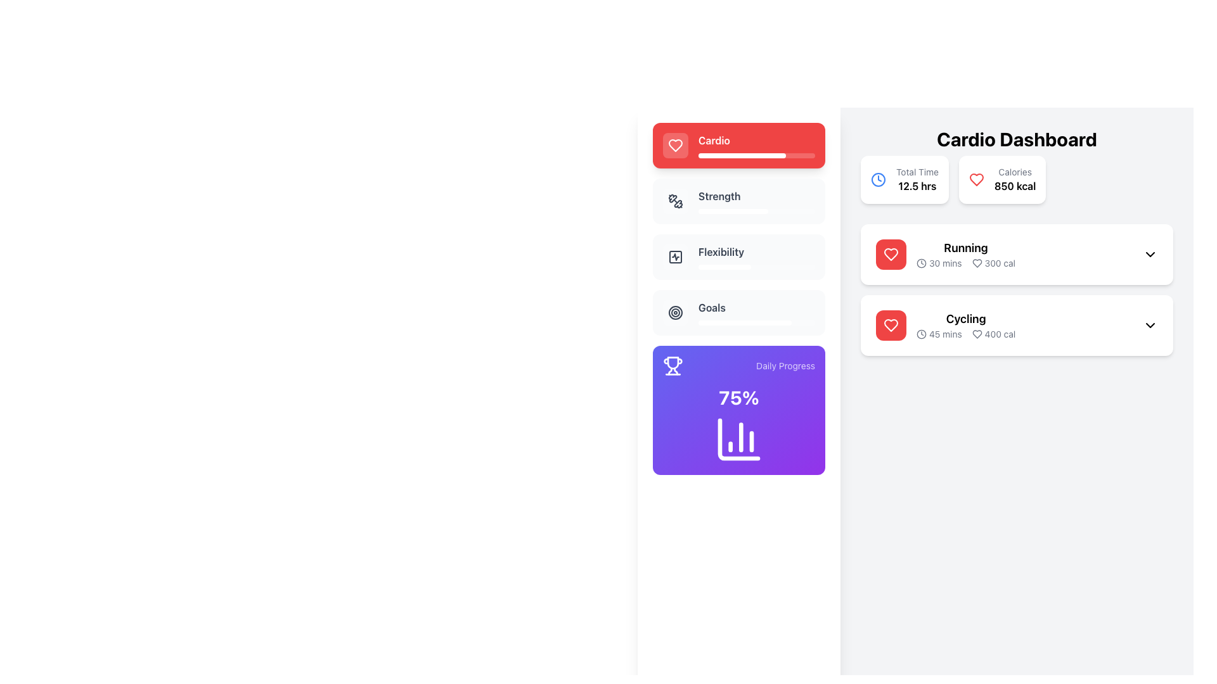  What do you see at coordinates (891, 324) in the screenshot?
I see `the icon button that indicates a liked or favorited activity, located to the left of the text 'Cycling 45 mins 400 cal' in the Cardio Dashboard section` at bounding box center [891, 324].